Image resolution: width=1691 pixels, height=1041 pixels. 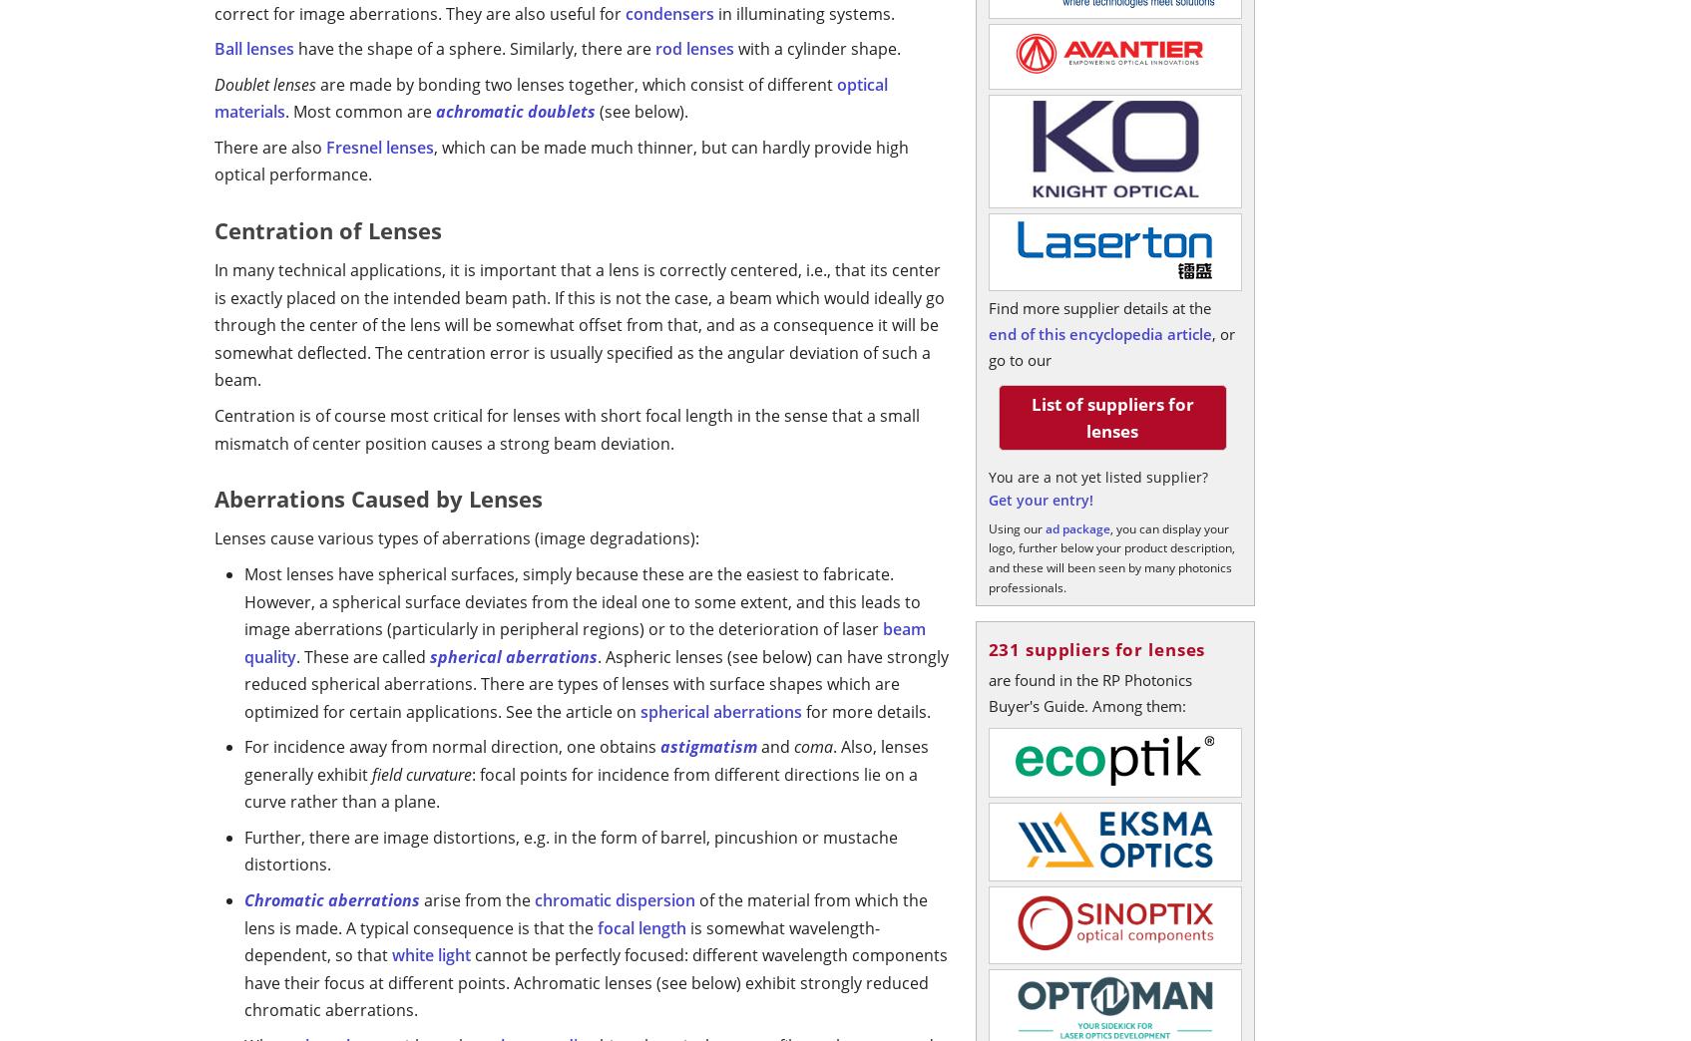 What do you see at coordinates (817, 47) in the screenshot?
I see `'with a cylinder shape.'` at bounding box center [817, 47].